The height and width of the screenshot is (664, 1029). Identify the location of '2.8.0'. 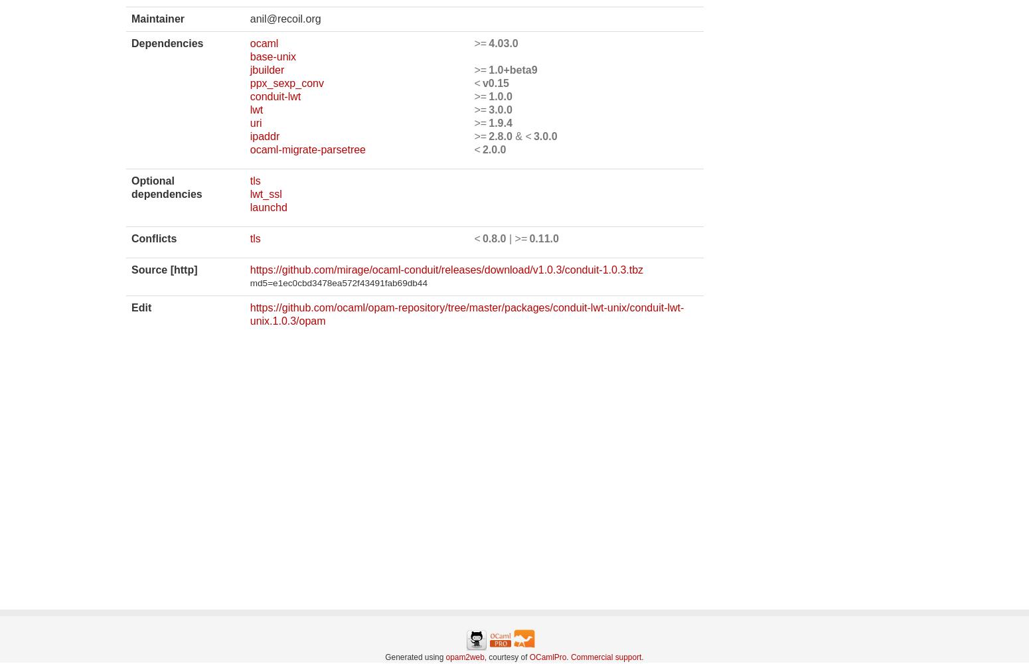
(500, 135).